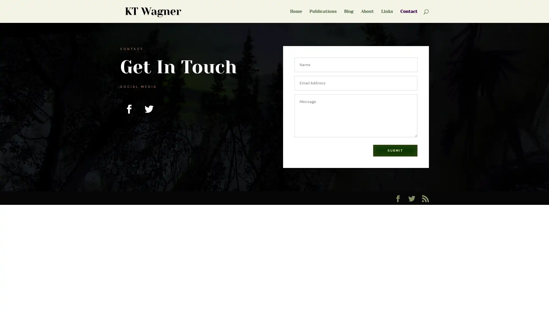  What do you see at coordinates (395, 150) in the screenshot?
I see `SUBMIT 5` at bounding box center [395, 150].